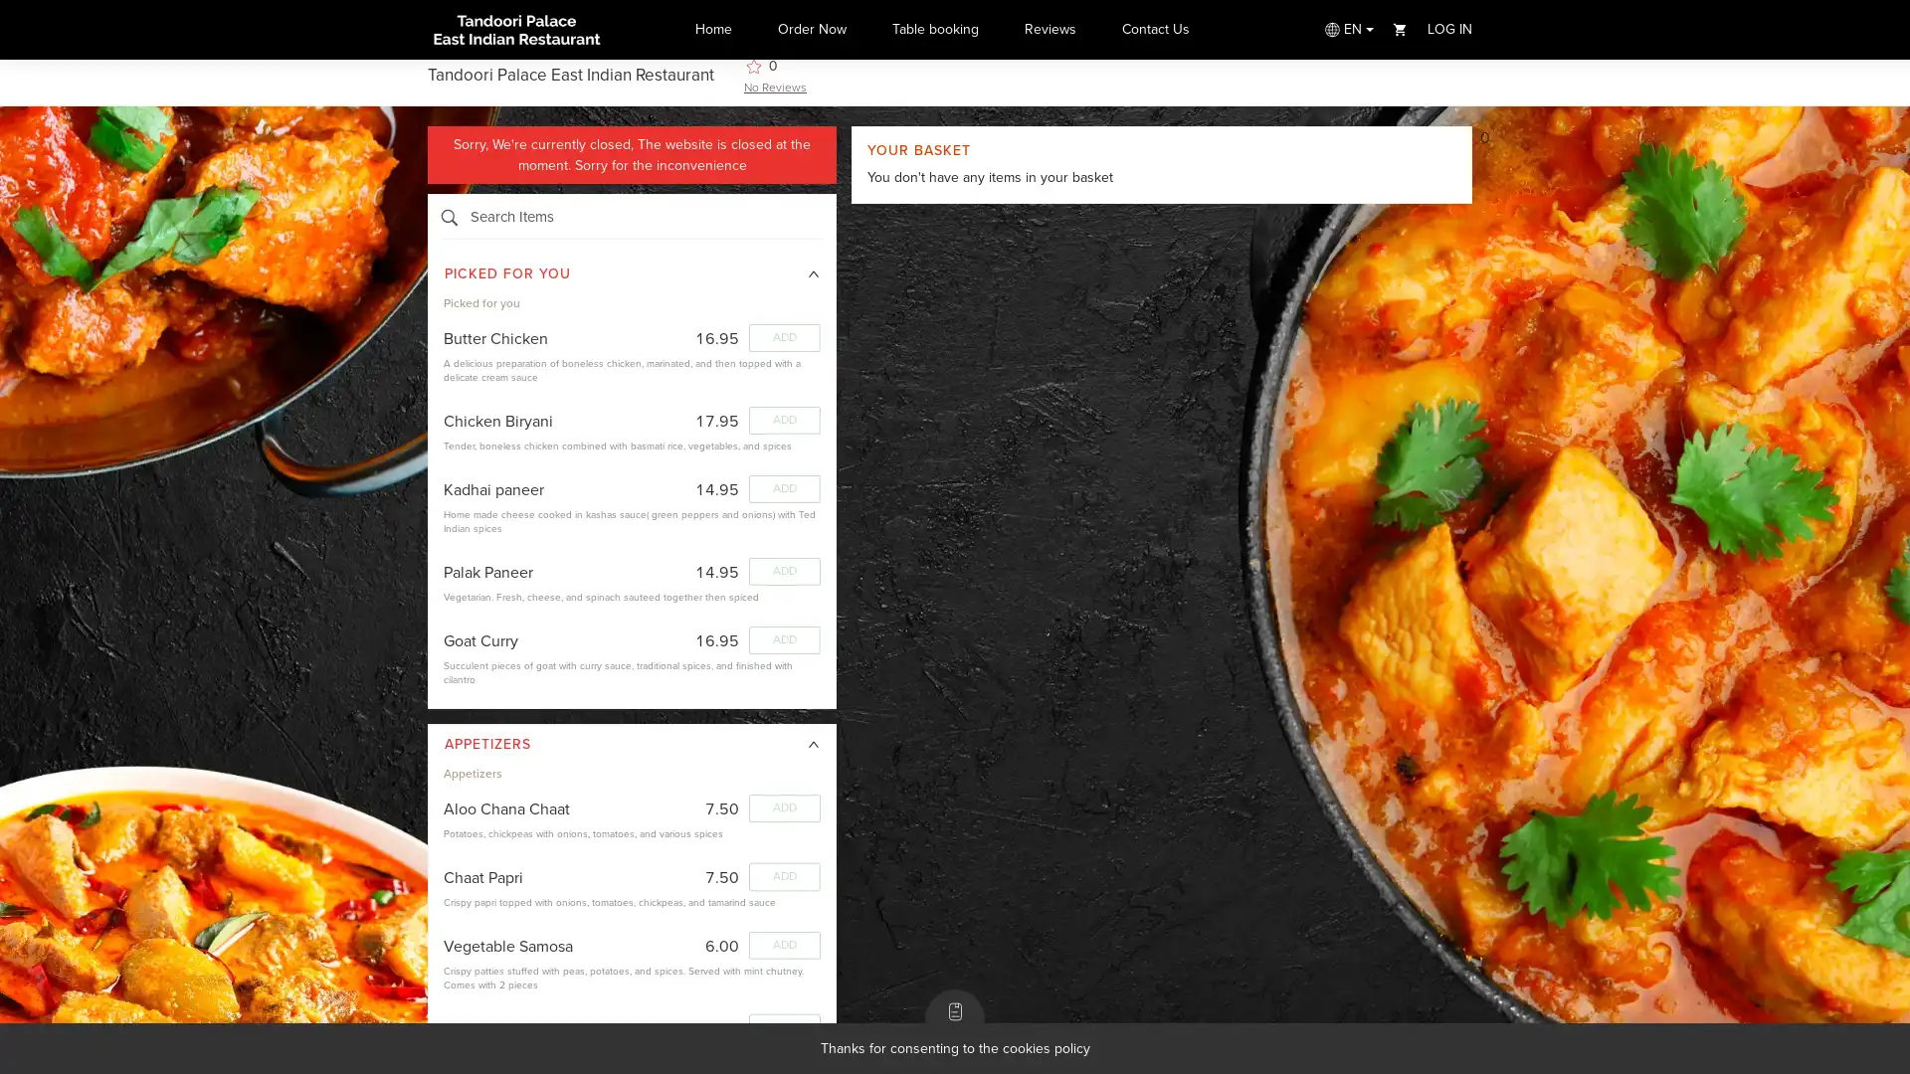 The width and height of the screenshot is (1910, 1074). I want to click on EN, so click(1347, 29).